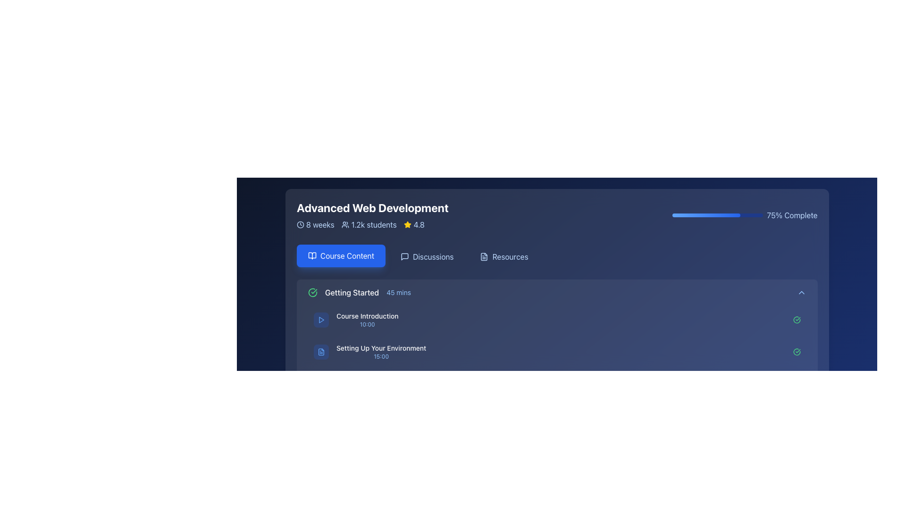  What do you see at coordinates (321, 319) in the screenshot?
I see `the blue play icon shaped like a triangle pointing to the right, located to the left of the 'Course Introduction' text, to play the content` at bounding box center [321, 319].